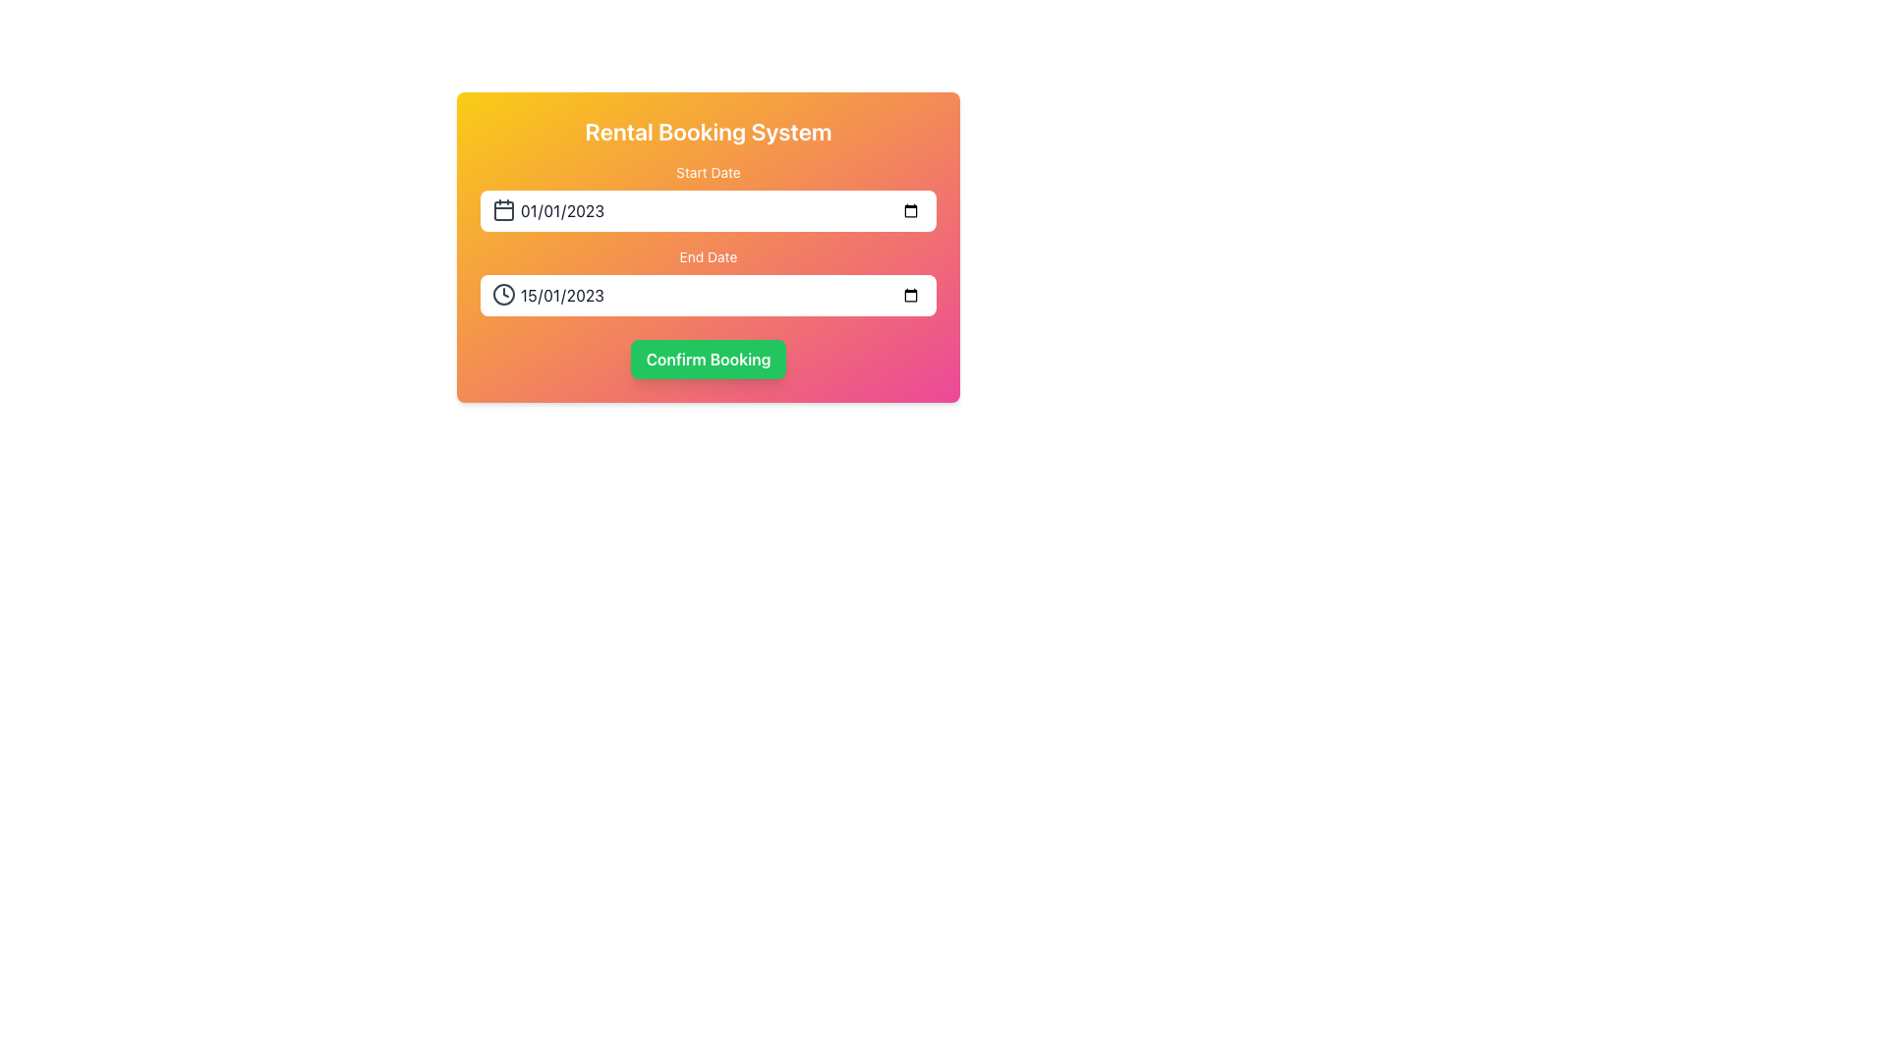 Image resolution: width=1887 pixels, height=1061 pixels. I want to click on the clock icon located at the left inside the 'End Date' input field of the second date selection row, so click(504, 295).